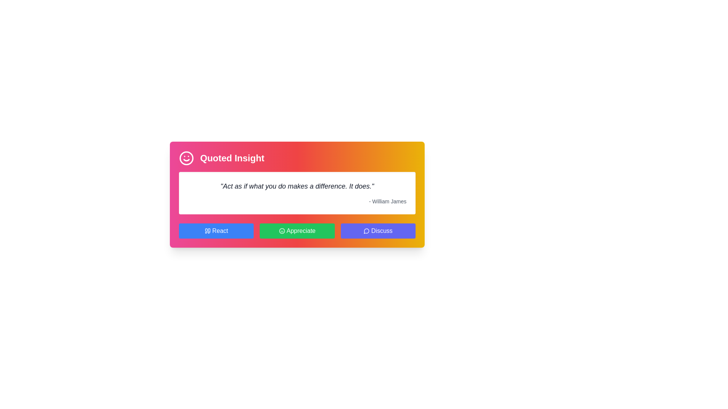 This screenshot has width=728, height=409. I want to click on the decorative icon located at the far left of the 'Quoted Insight' section, so click(186, 158).